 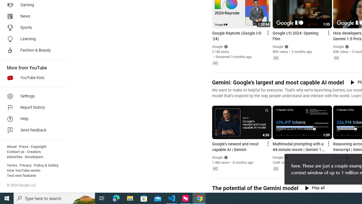 I want to click on 'Copyright', so click(x=38, y=146).